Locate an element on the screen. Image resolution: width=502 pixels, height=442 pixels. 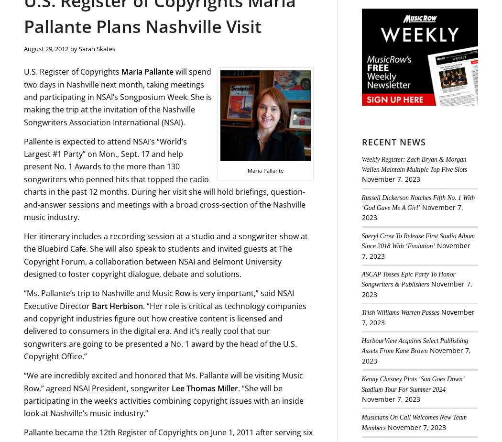
'Trish Williams Warren Passes' is located at coordinates (400, 312).